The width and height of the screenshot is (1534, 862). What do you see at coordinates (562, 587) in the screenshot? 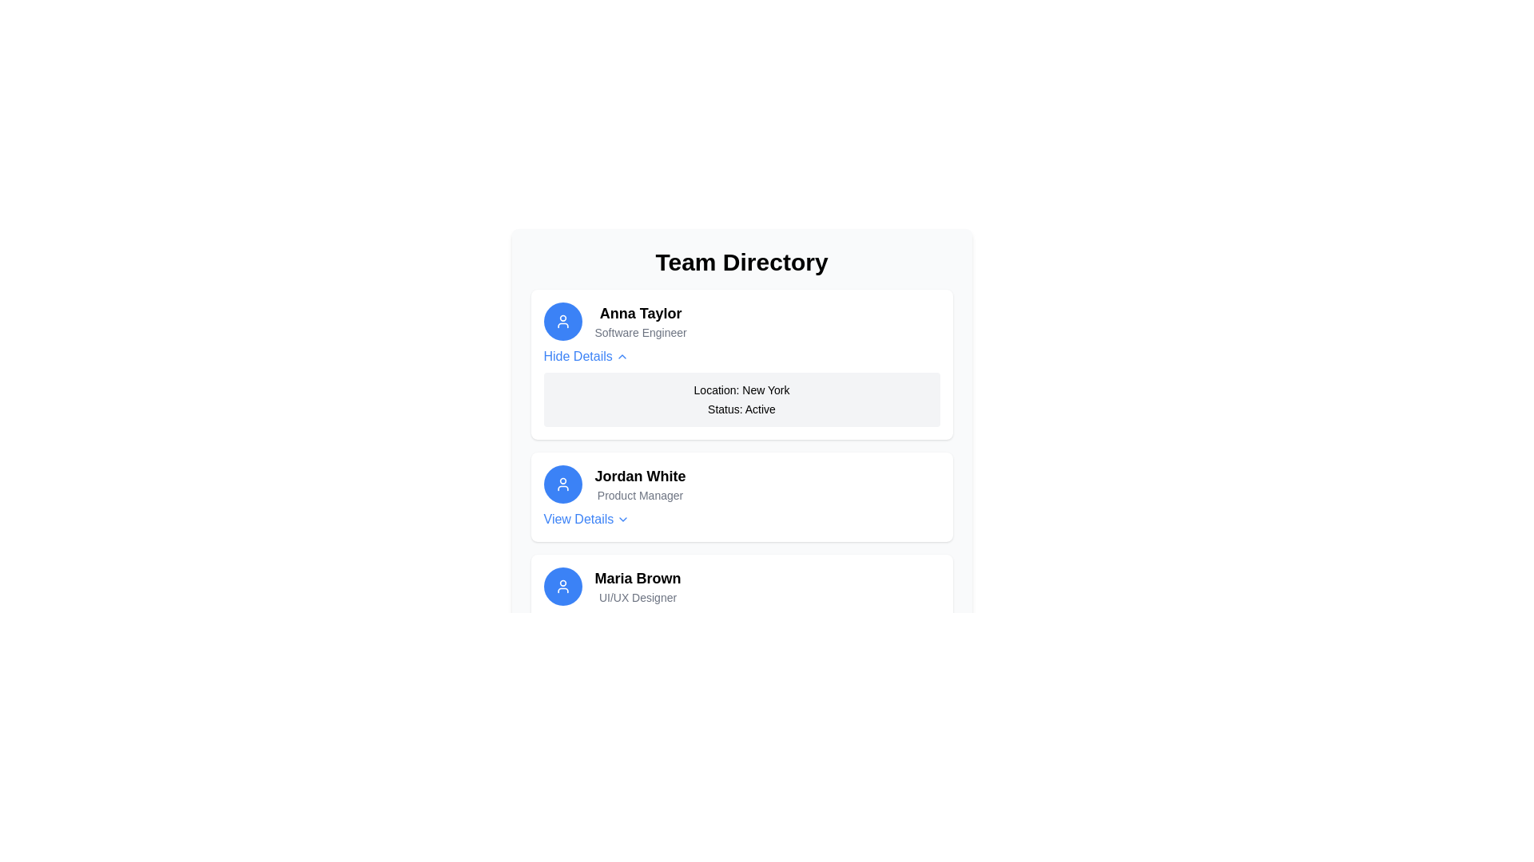
I see `the user profile icon located on the left-hand side of the third profile card in the 'Team Directory' section` at bounding box center [562, 587].